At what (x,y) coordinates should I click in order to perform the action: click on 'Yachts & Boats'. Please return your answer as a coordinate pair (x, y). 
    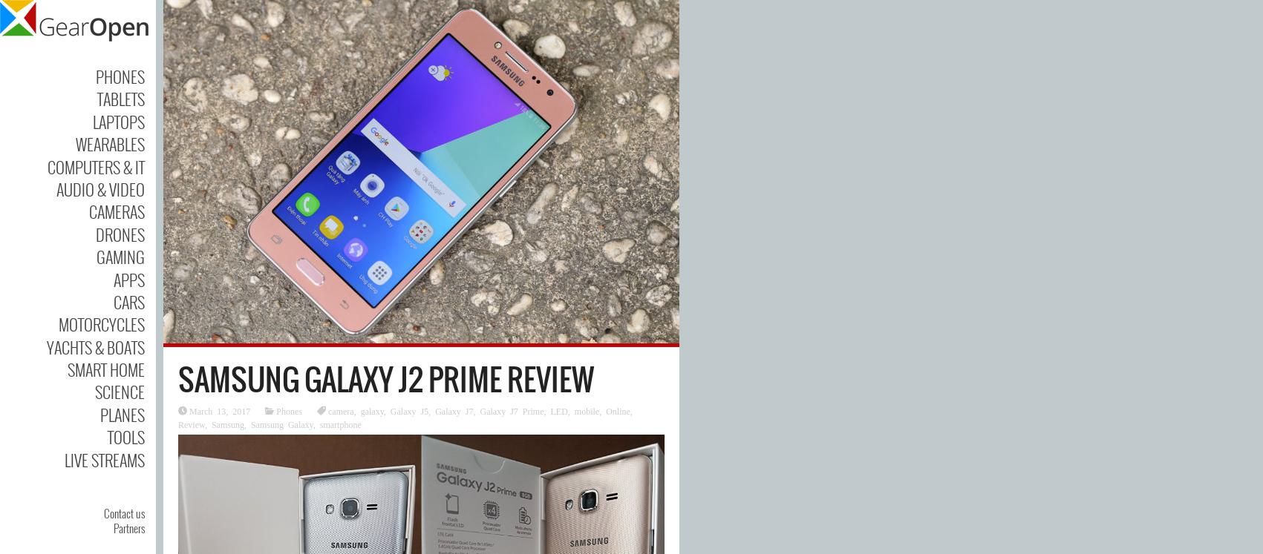
    Looking at the image, I should click on (94, 346).